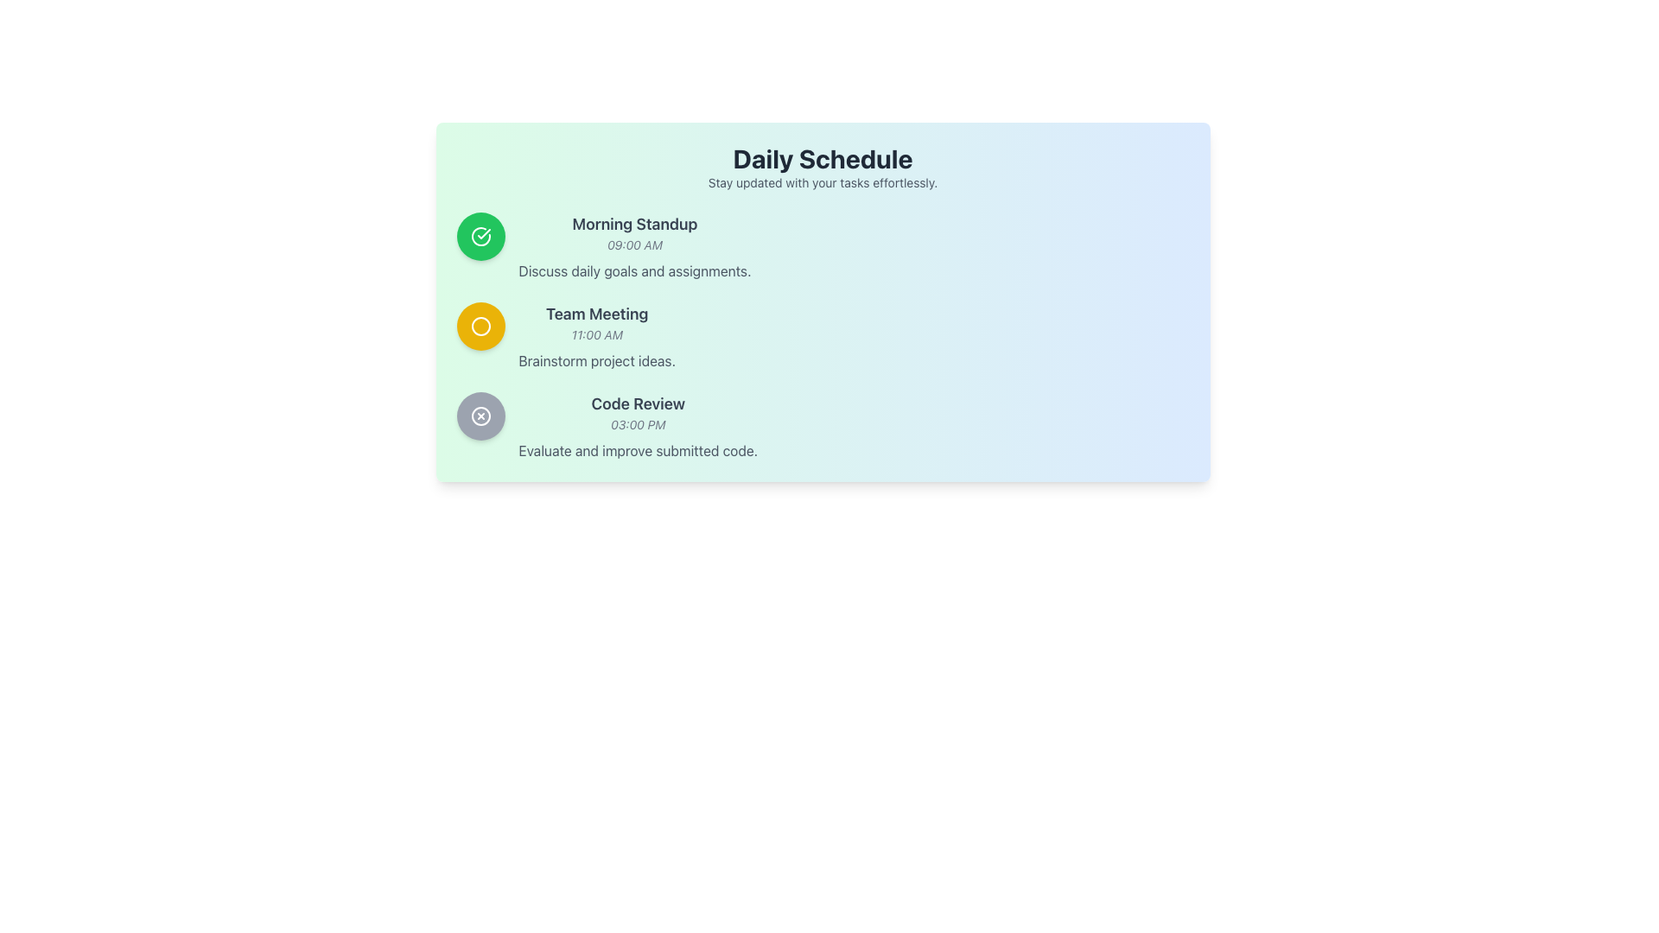  I want to click on the 'Team Meeting' icon button located to the left of the 'Team Meeting' text and its time '11:00 AM' in the daily schedule interface, so click(480, 327).